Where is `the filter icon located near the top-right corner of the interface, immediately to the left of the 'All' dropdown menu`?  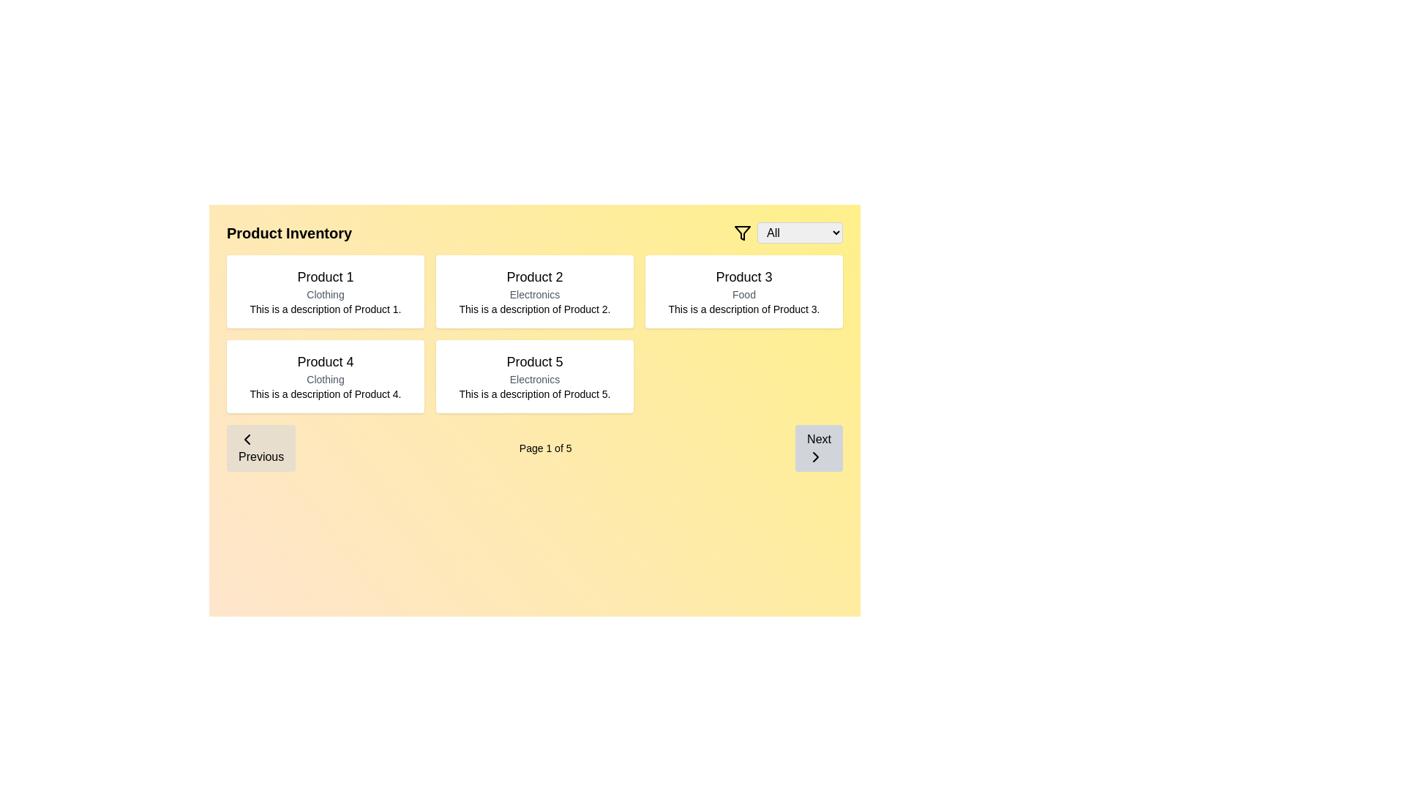
the filter icon located near the top-right corner of the interface, immediately to the left of the 'All' dropdown menu is located at coordinates (742, 232).